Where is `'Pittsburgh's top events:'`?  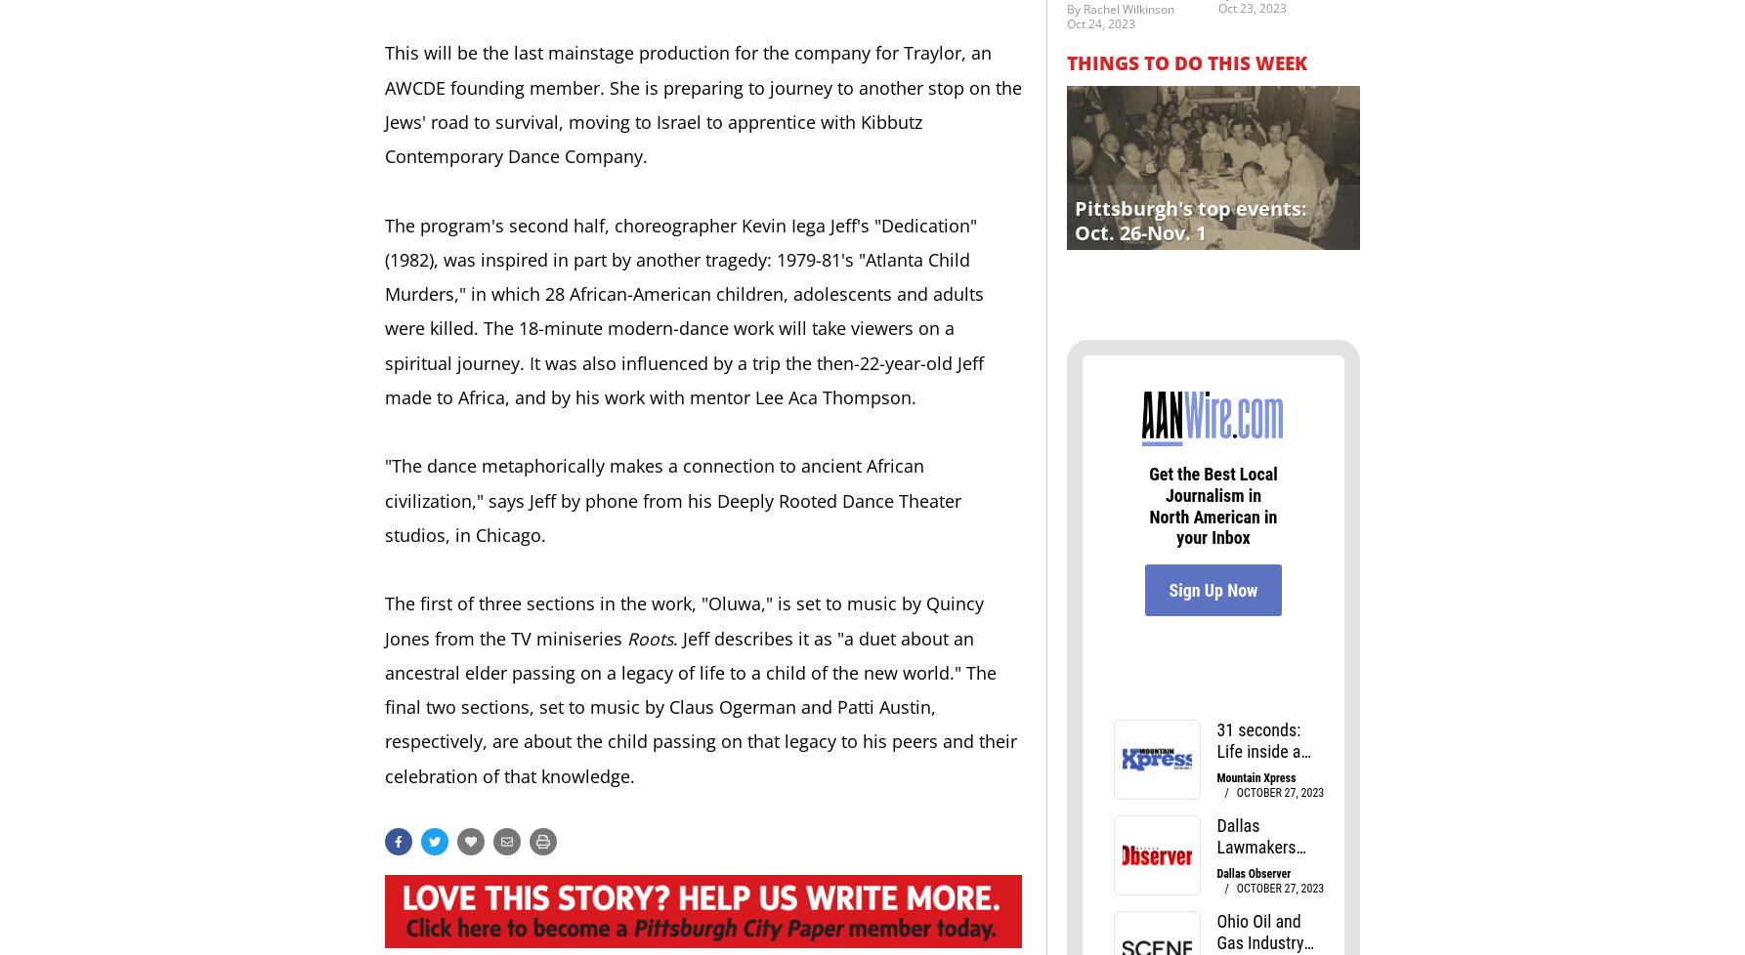 'Pittsburgh's top events:' is located at coordinates (1190, 207).